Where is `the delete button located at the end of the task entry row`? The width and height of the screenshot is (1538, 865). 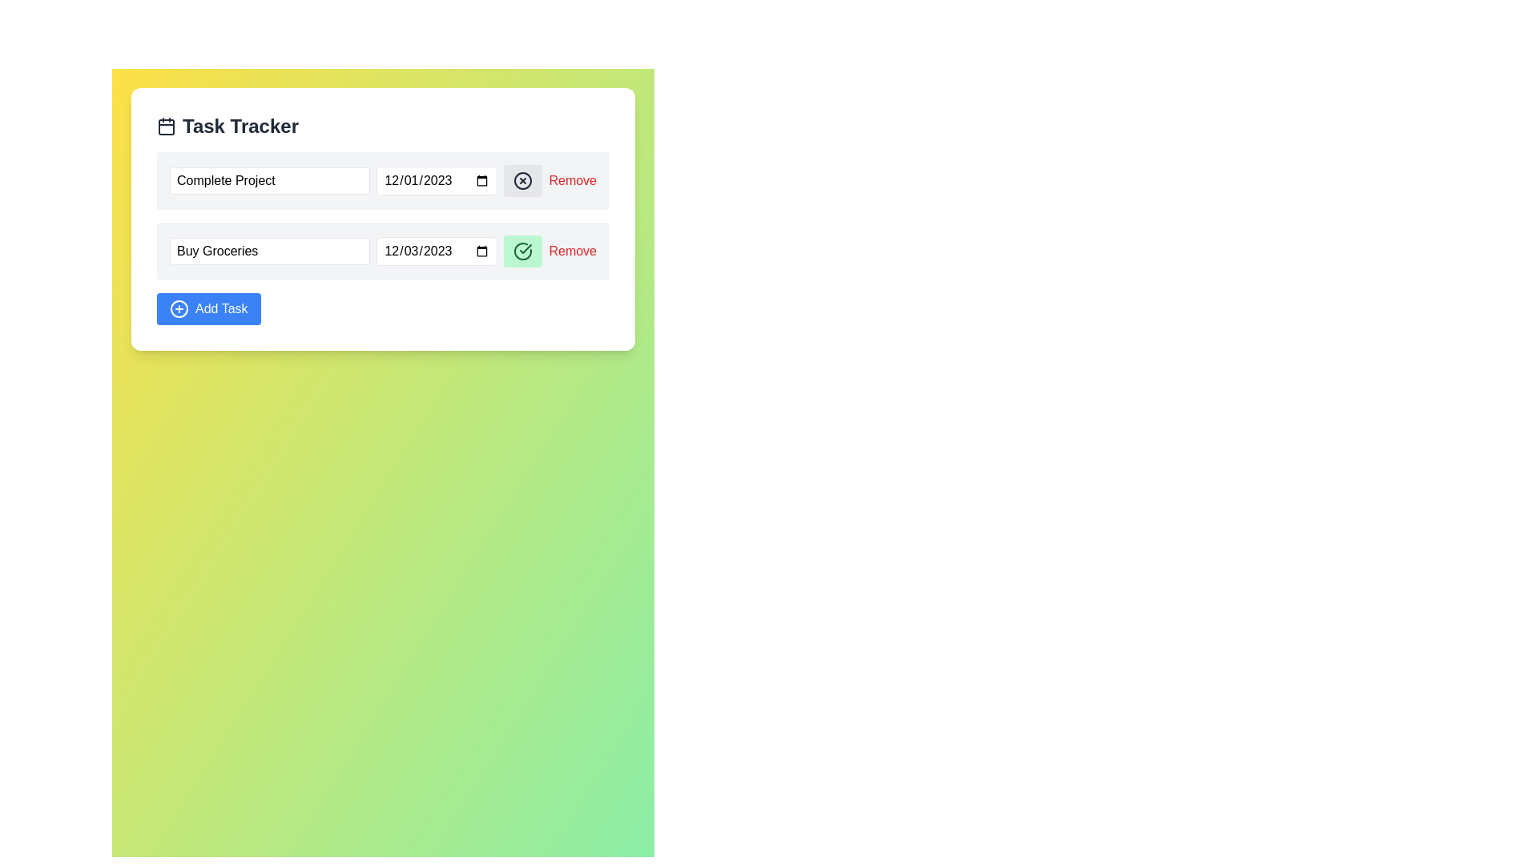 the delete button located at the end of the task entry row is located at coordinates (573, 251).